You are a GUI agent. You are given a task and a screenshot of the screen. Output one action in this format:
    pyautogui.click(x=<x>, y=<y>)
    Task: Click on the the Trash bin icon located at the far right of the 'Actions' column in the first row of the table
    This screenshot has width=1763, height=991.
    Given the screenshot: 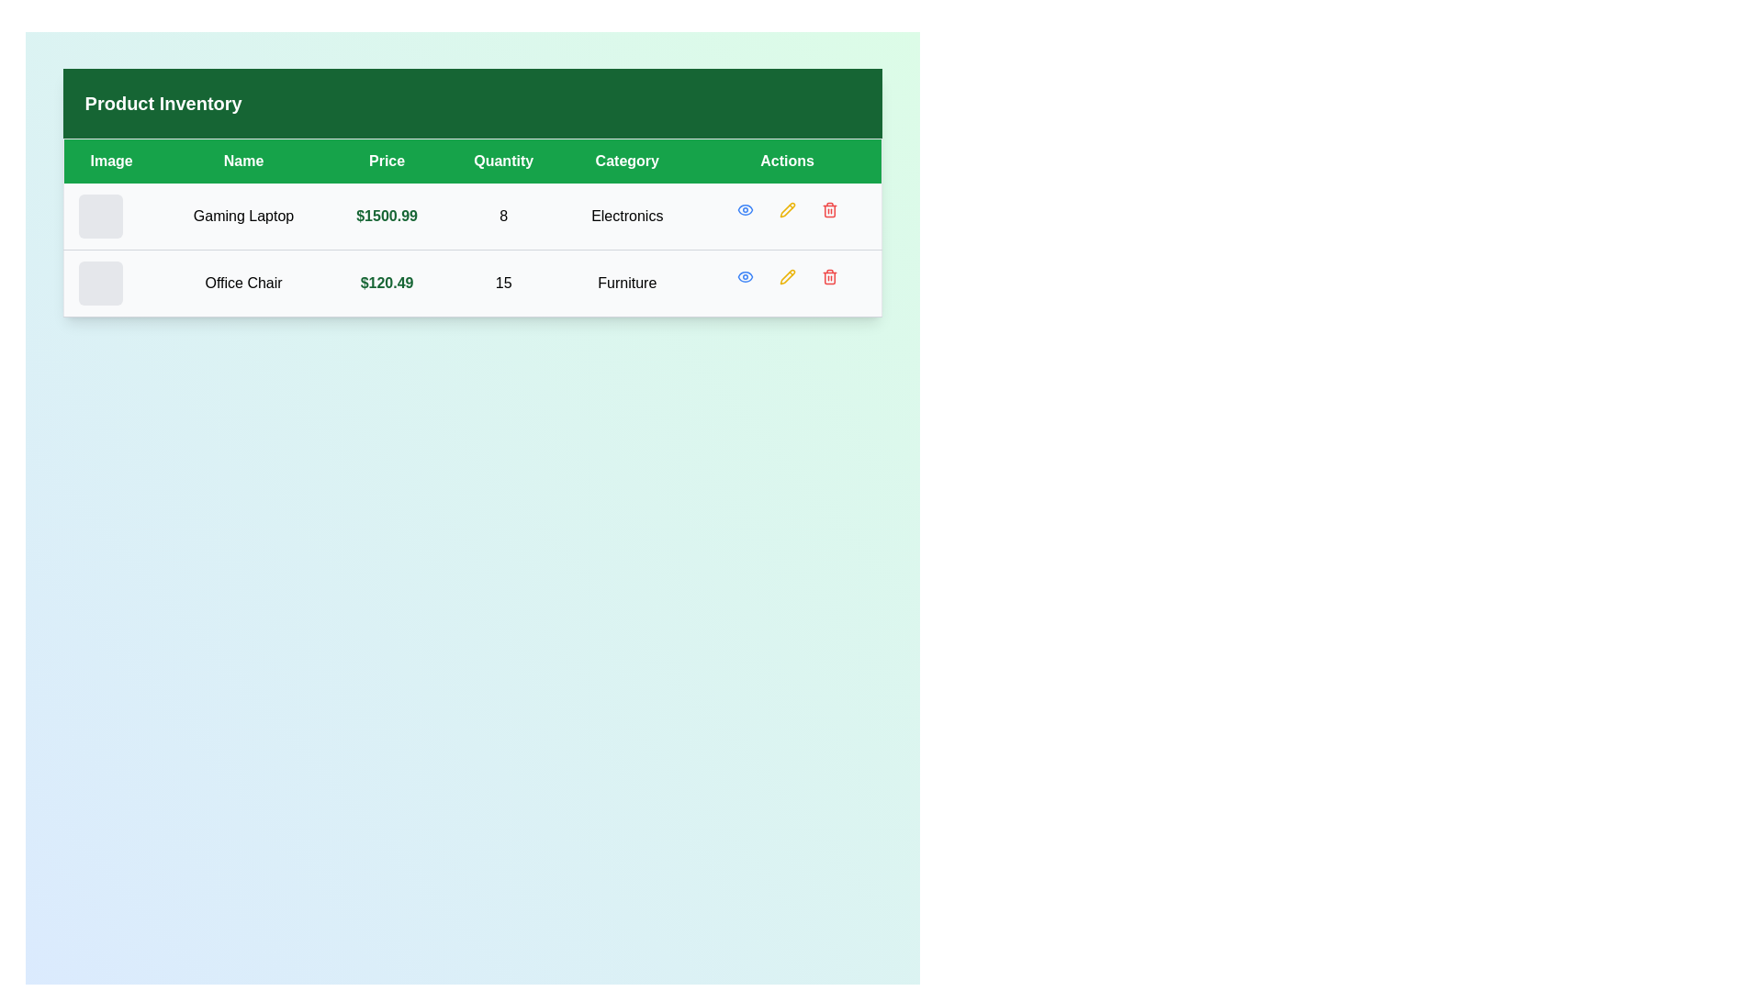 What is the action you would take?
    pyautogui.click(x=828, y=208)
    